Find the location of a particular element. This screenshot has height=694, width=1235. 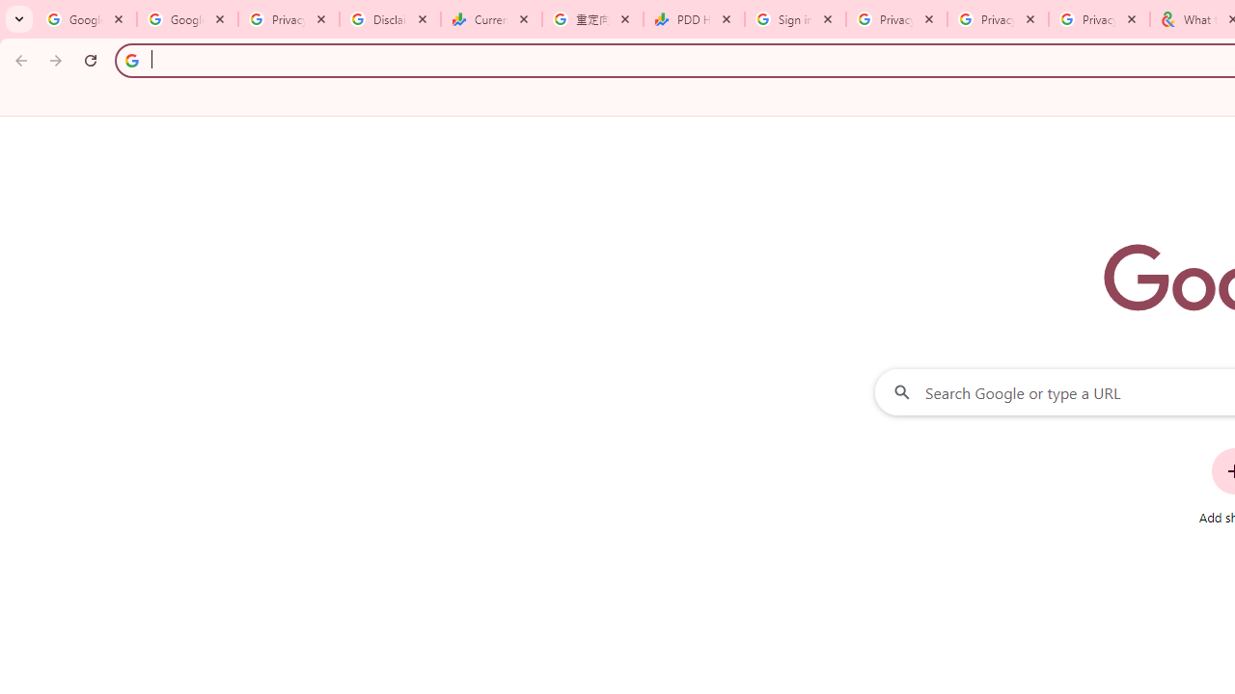

'Google Workspace Admin Community' is located at coordinates (85, 19).